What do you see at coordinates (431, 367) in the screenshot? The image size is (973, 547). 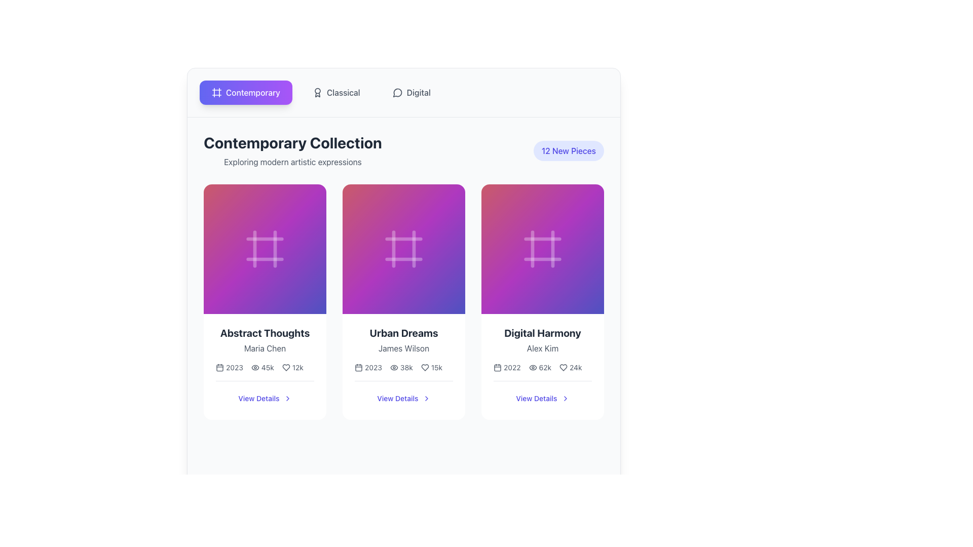 I see `the visual statistics display showing the popularity metric '15k' for the 'Urban Dreams' card, which is the third element in a sequence of informational elements` at bounding box center [431, 367].